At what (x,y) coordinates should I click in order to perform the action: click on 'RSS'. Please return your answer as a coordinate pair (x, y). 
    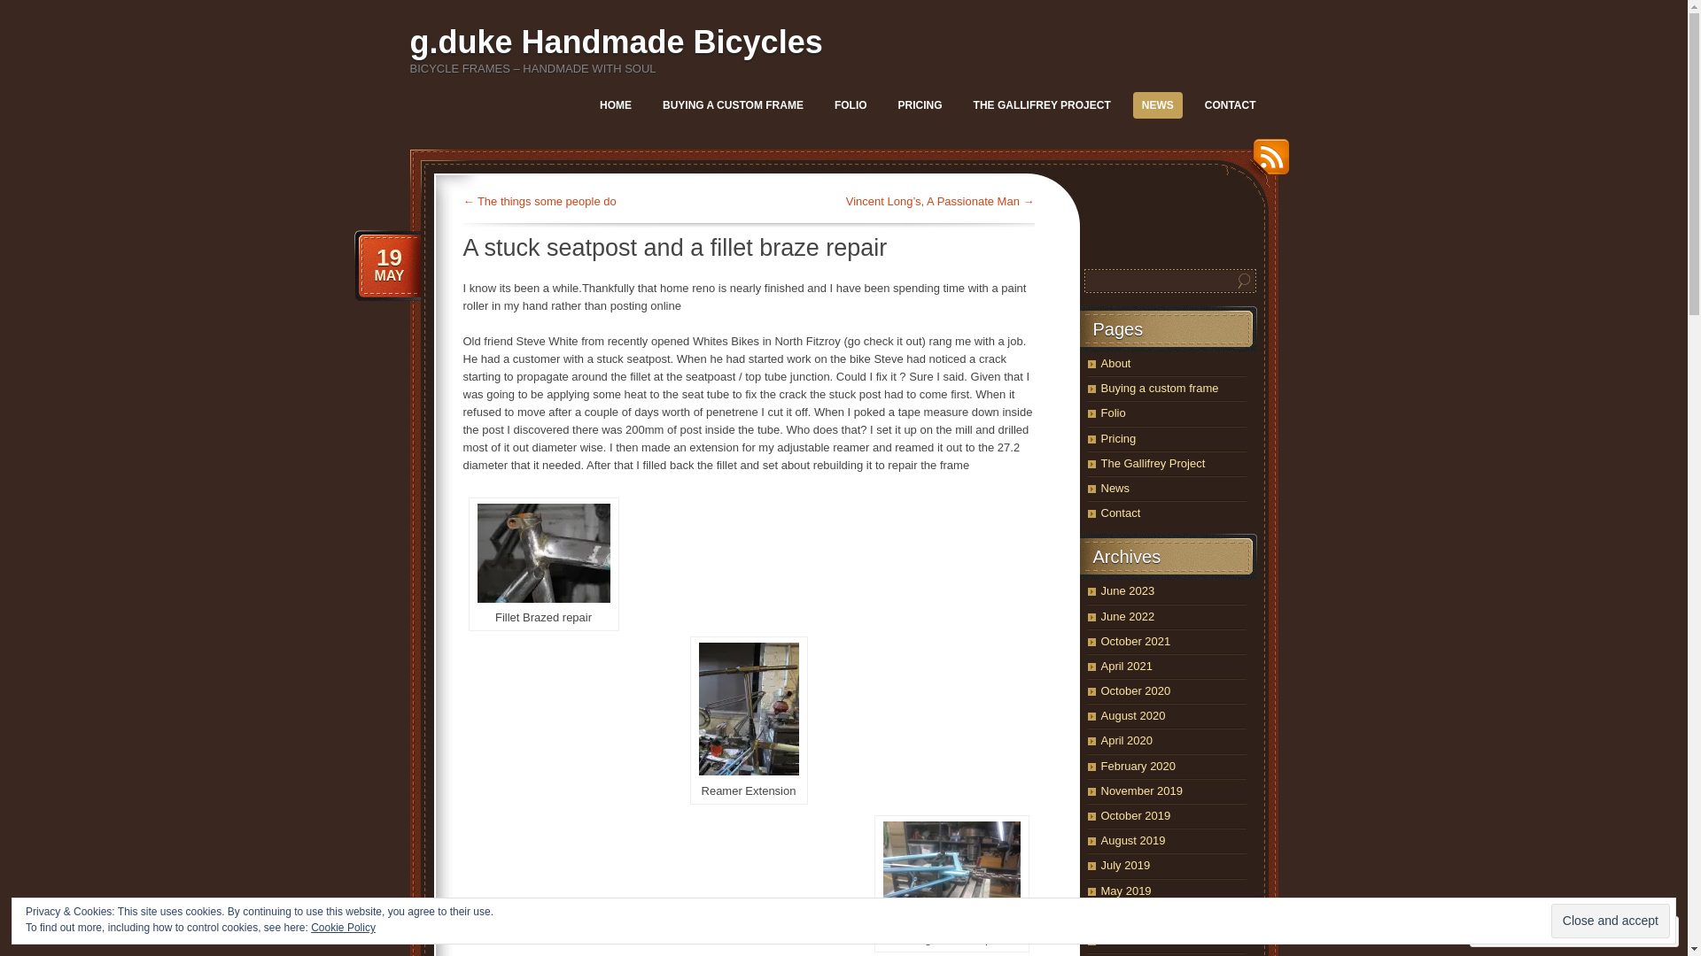
    Looking at the image, I should click on (1242, 163).